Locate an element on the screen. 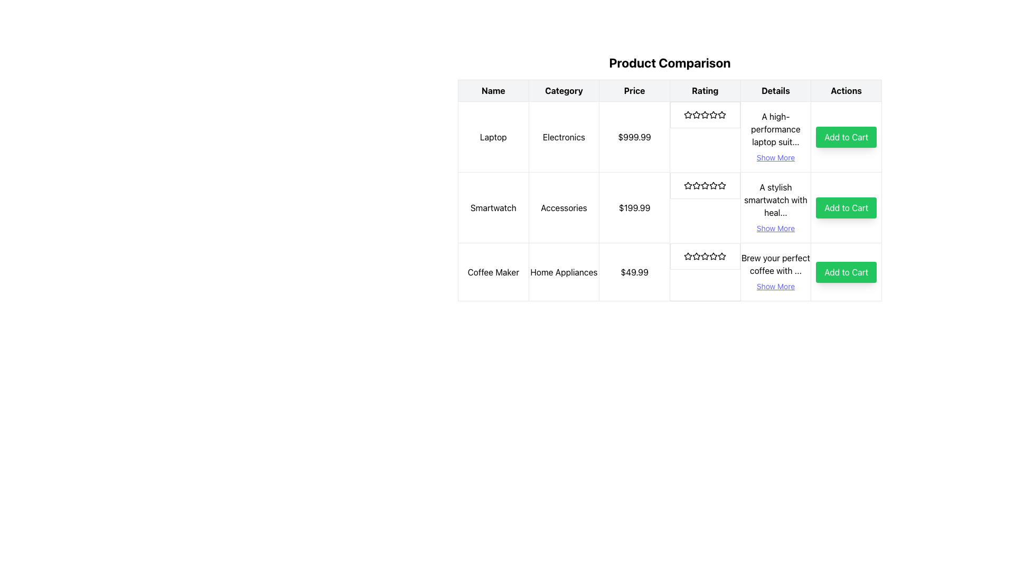 Image resolution: width=1014 pixels, height=570 pixels. the 'Name' table header cell, which displays the text in bold black font on a light gray background and is the first column header in the table is located at coordinates (493, 90).